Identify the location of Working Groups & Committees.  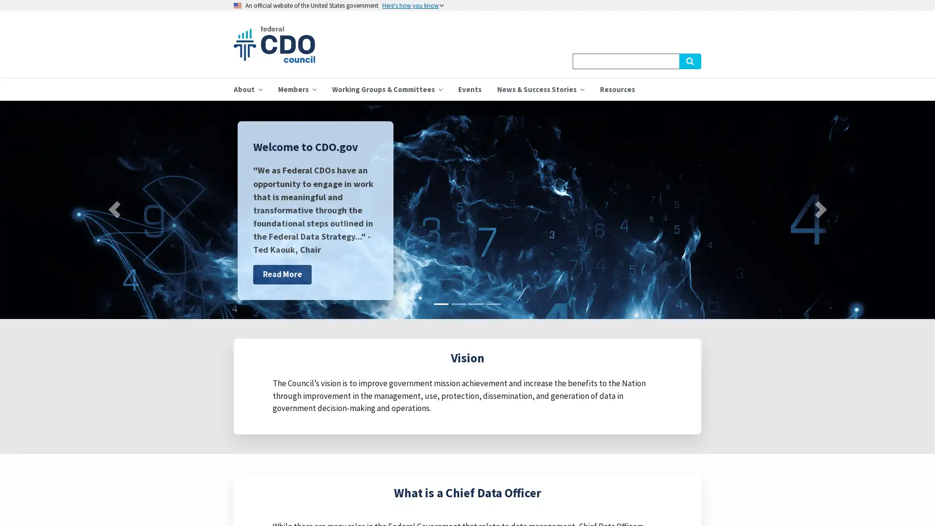
(387, 89).